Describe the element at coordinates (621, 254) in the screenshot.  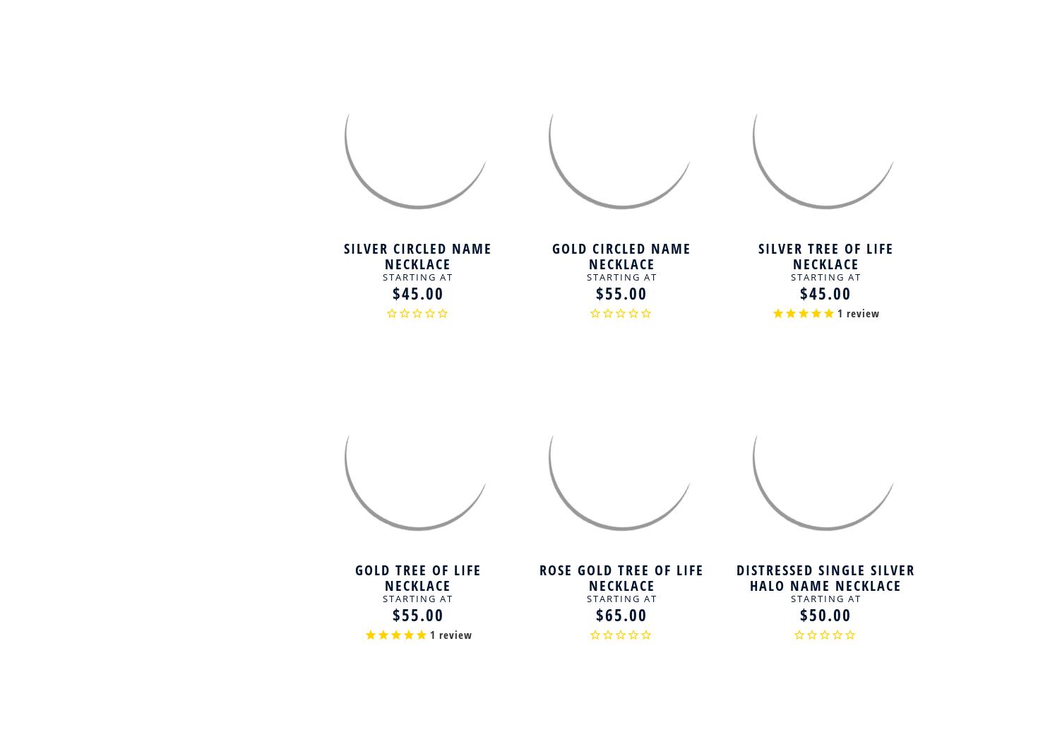
I see `'Gold Circled Name Necklace'` at that location.